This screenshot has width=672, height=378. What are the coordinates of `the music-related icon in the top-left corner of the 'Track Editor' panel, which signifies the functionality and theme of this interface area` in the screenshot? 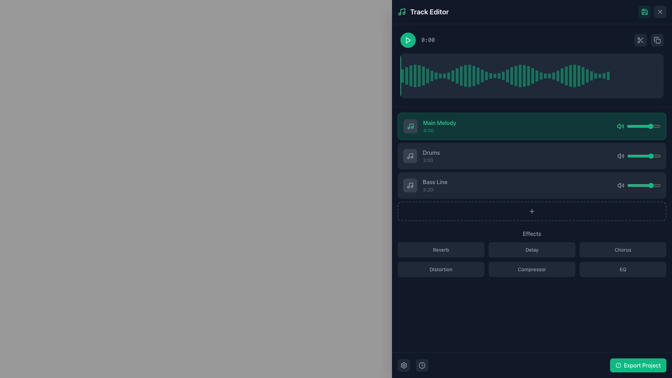 It's located at (403, 11).